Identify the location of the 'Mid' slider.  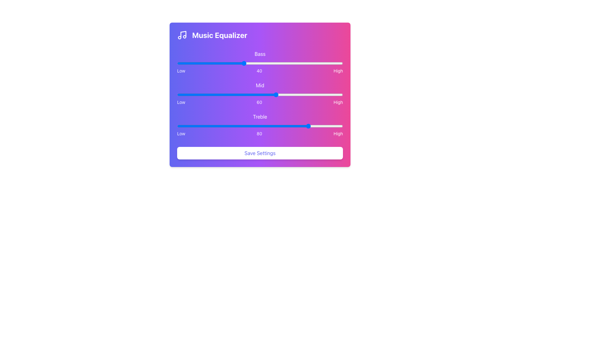
(341, 94).